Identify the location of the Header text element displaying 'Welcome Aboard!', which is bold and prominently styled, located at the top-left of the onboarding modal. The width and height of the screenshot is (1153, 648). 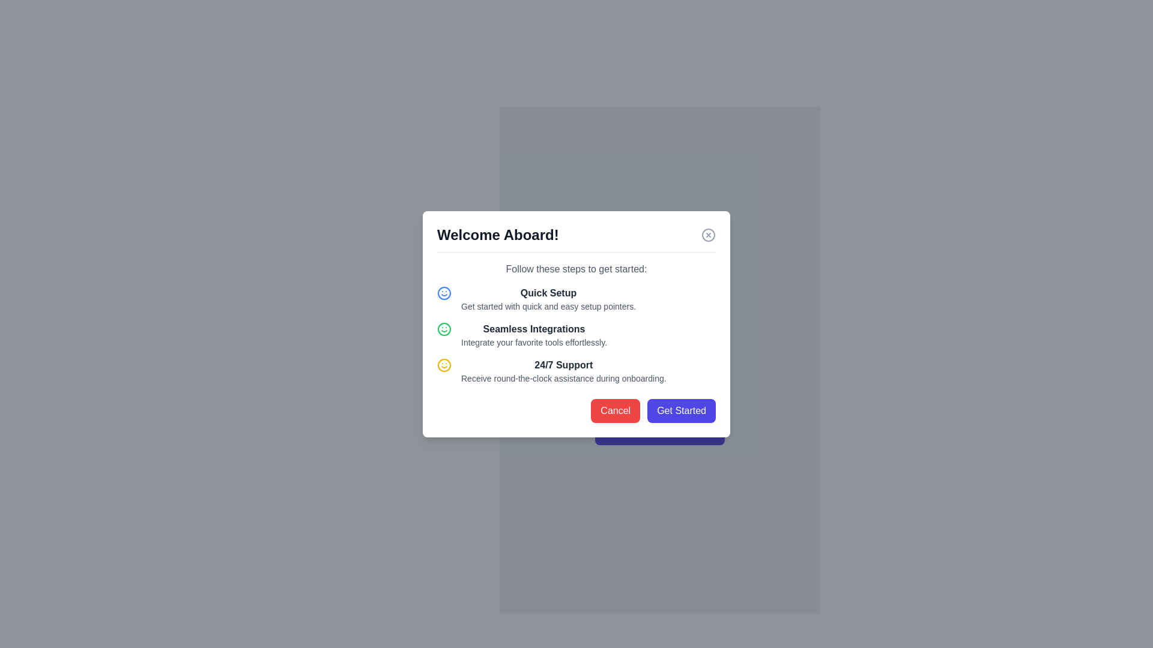
(498, 235).